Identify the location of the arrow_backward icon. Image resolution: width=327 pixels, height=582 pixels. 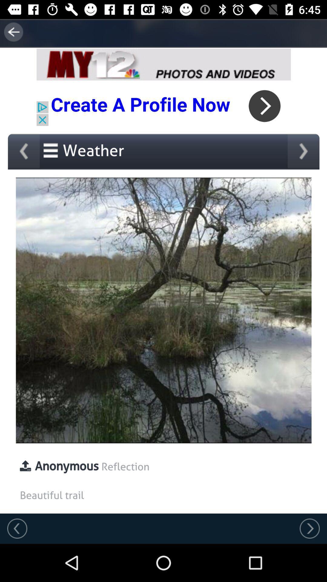
(17, 32).